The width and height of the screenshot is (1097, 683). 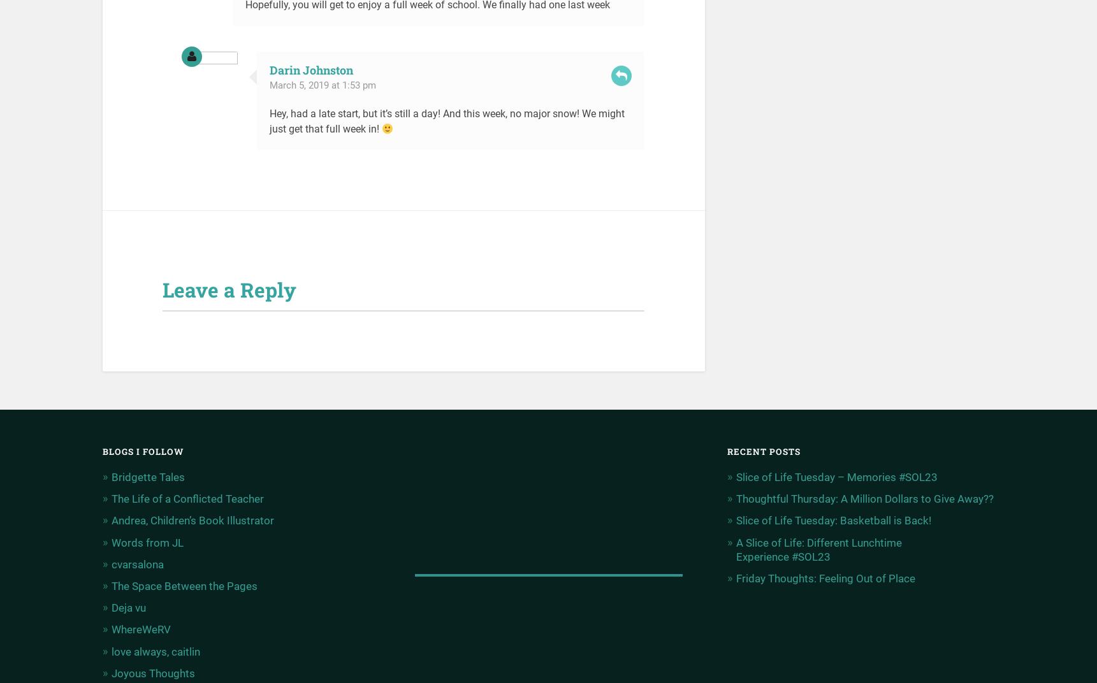 I want to click on 'March 5, 2019 at 1:53 pm', so click(x=268, y=85).